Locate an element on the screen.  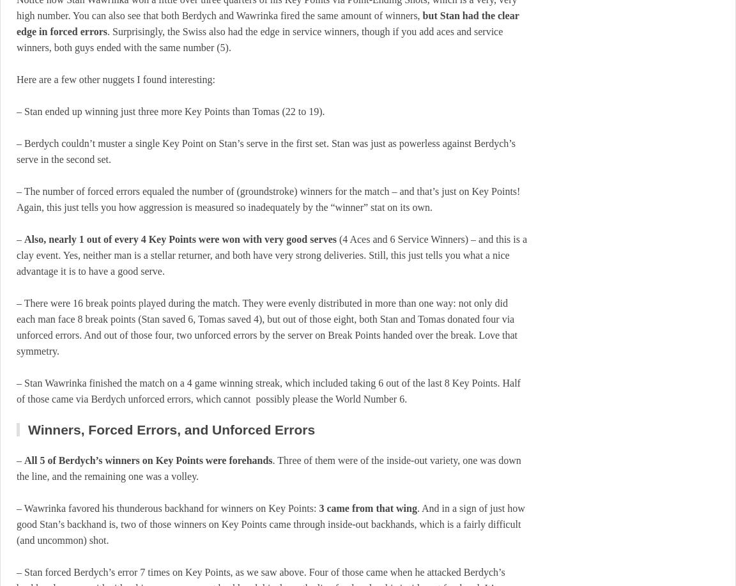
'– Stan ended up winning just three more Key Points than Tomas (22 to 19).' is located at coordinates (16, 111).